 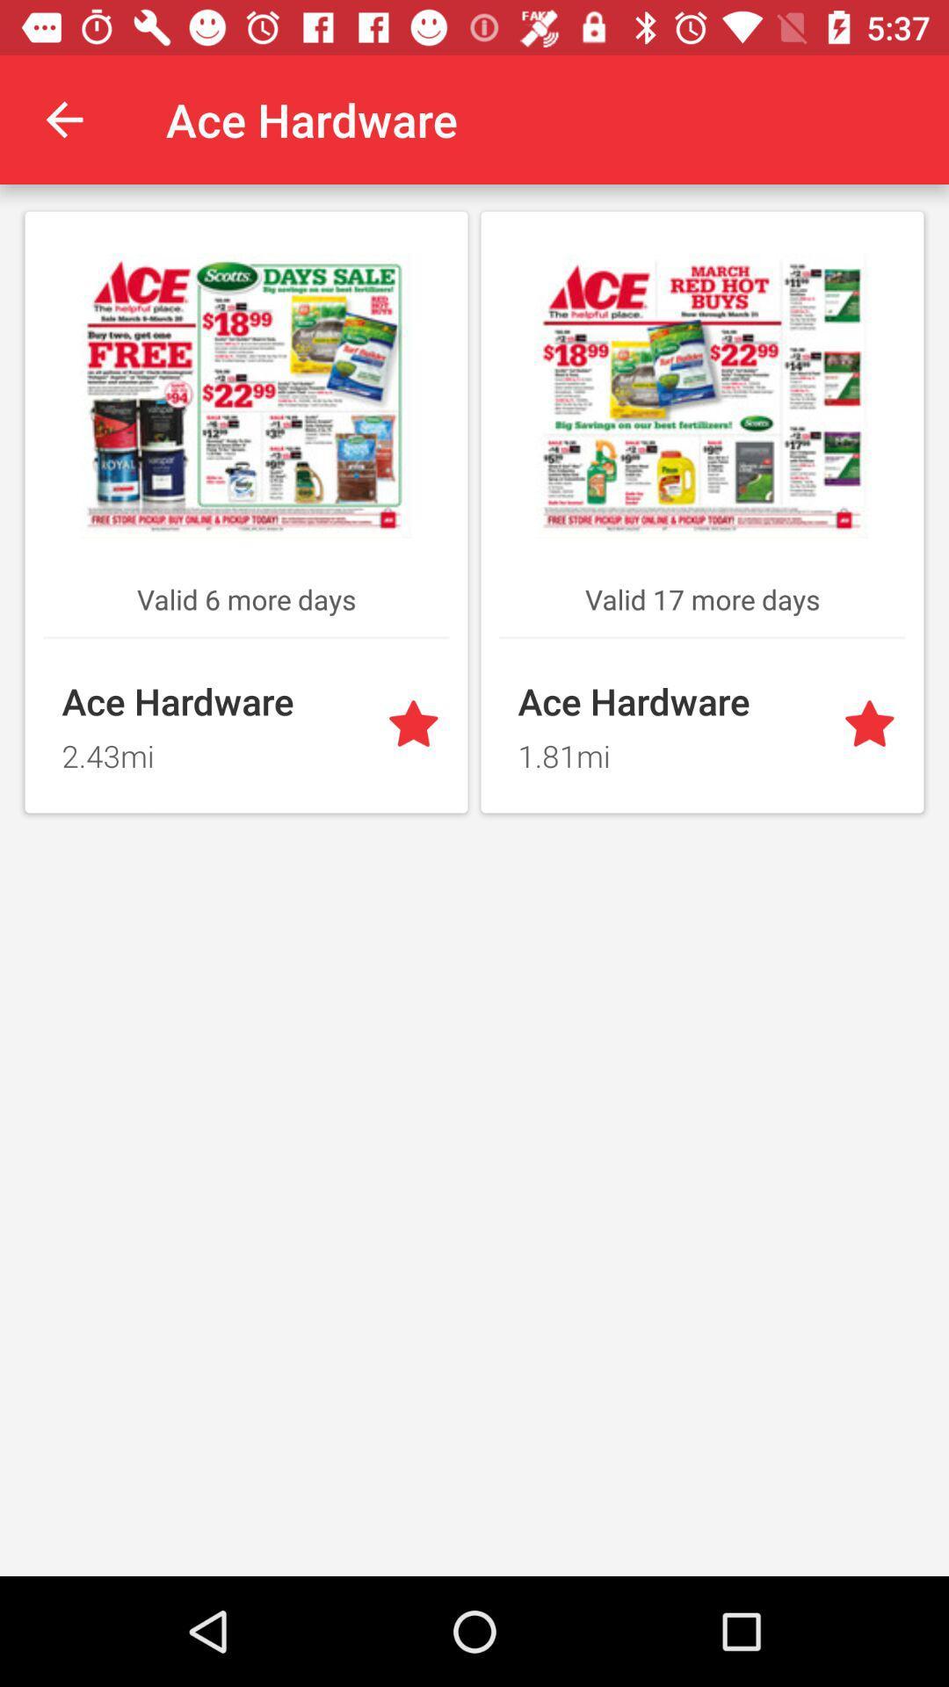 I want to click on the app to the left of the ace hardware icon, so click(x=63, y=119).